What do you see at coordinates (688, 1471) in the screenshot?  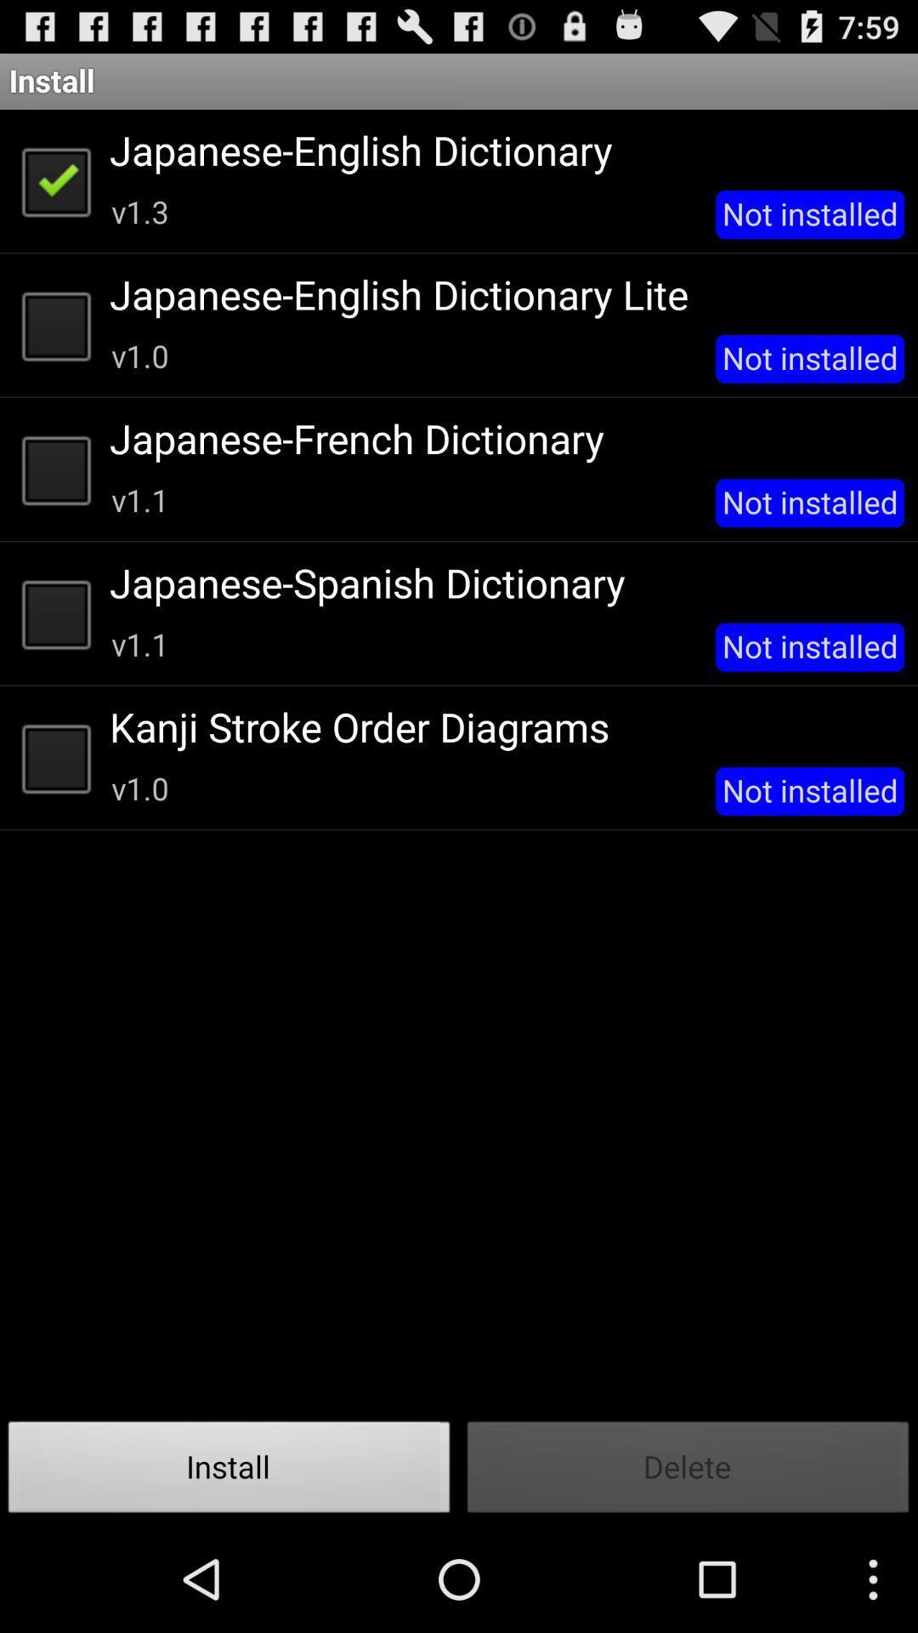 I see `item next to install item` at bounding box center [688, 1471].